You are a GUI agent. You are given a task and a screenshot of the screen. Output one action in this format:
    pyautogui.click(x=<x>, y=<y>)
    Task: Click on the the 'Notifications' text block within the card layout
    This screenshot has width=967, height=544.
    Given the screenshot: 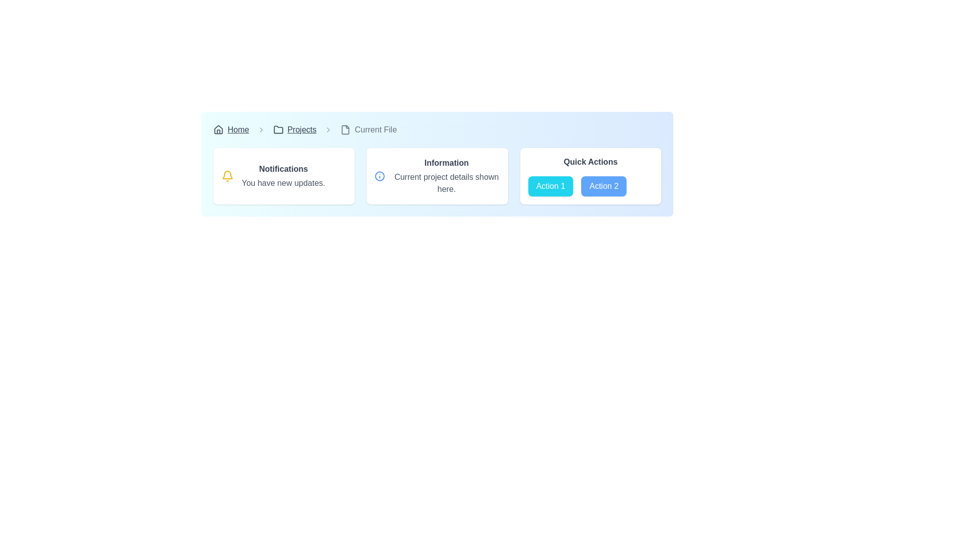 What is the action you would take?
    pyautogui.click(x=283, y=176)
    